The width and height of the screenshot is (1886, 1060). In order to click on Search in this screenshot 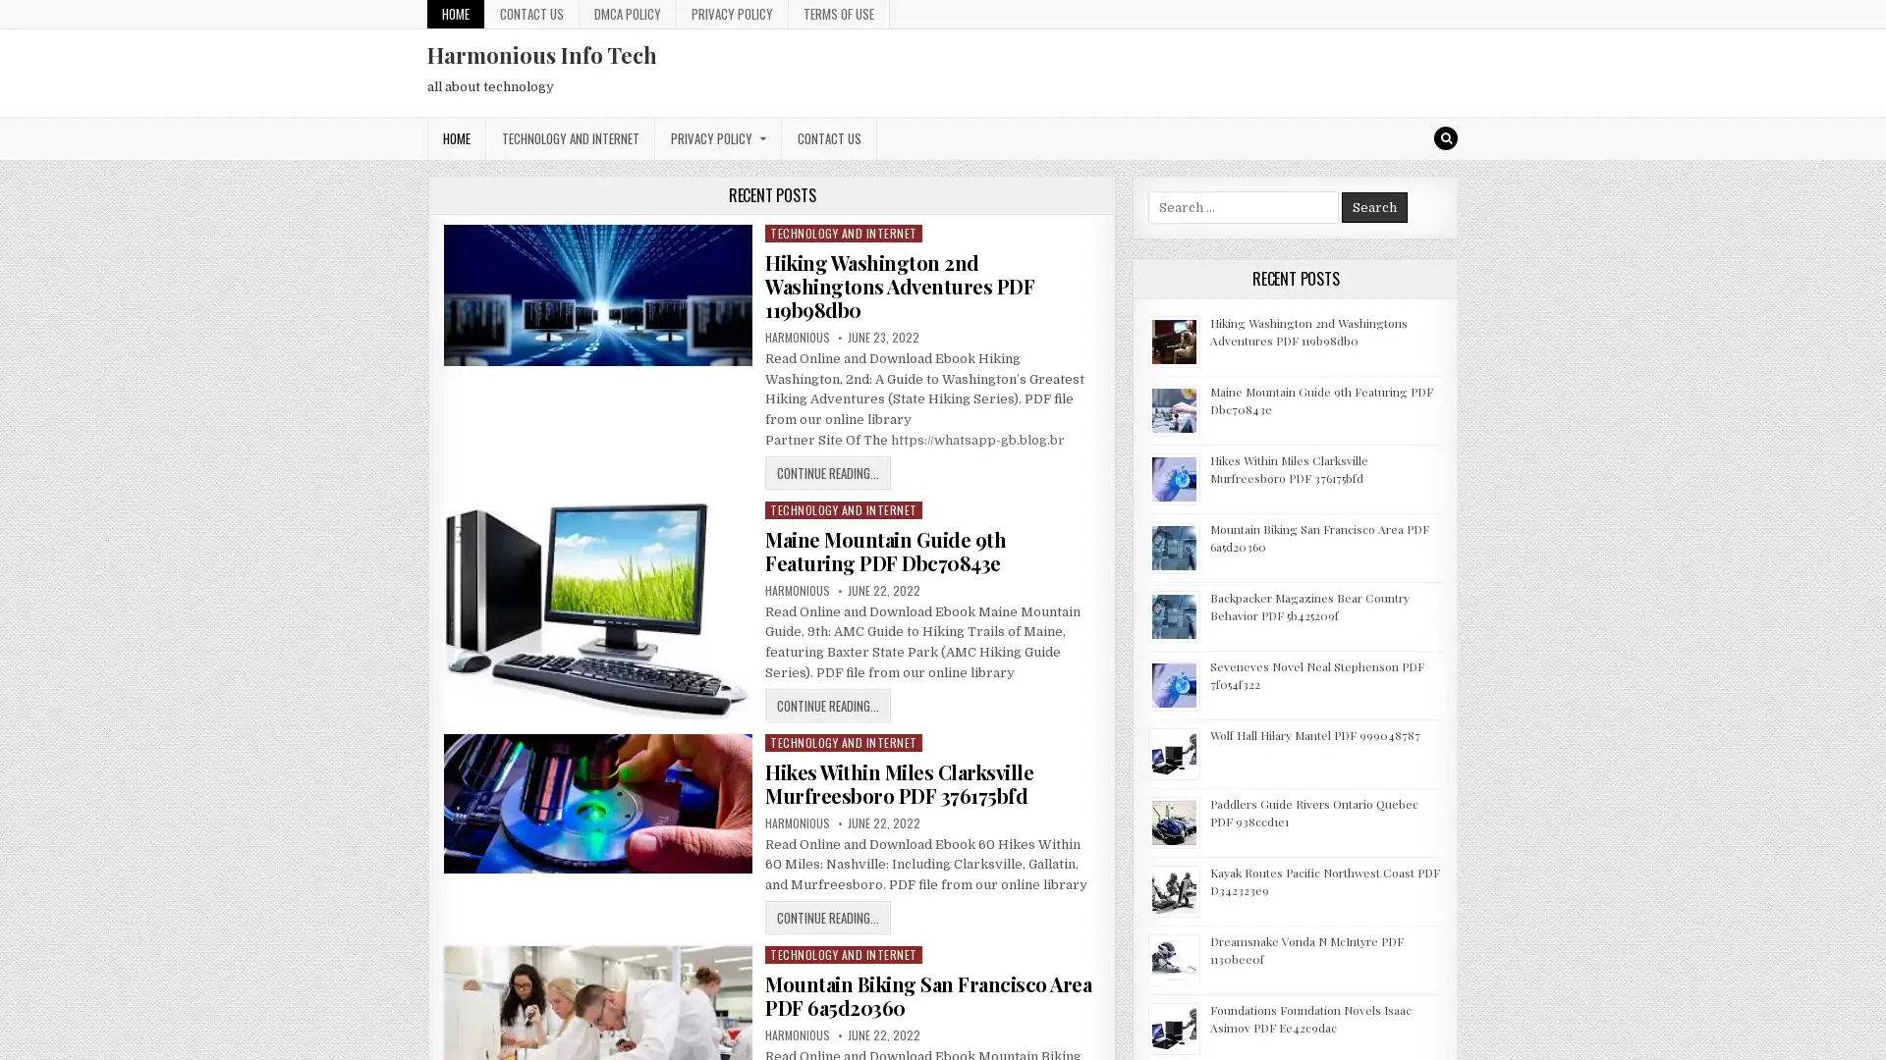, I will do `click(1373, 207)`.